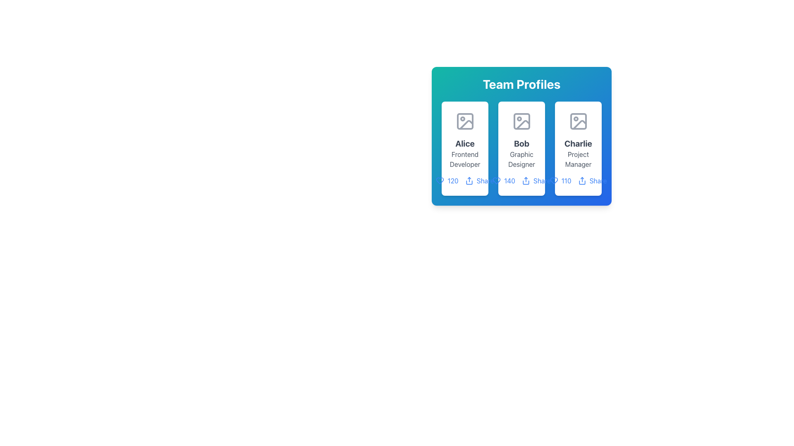 The image size is (794, 446). What do you see at coordinates (440, 180) in the screenshot?
I see `the blue heart icon representing 'like' status next to the number '120' in the 'Team Profiles' section under 'Alice - Frontend Developer'` at bounding box center [440, 180].